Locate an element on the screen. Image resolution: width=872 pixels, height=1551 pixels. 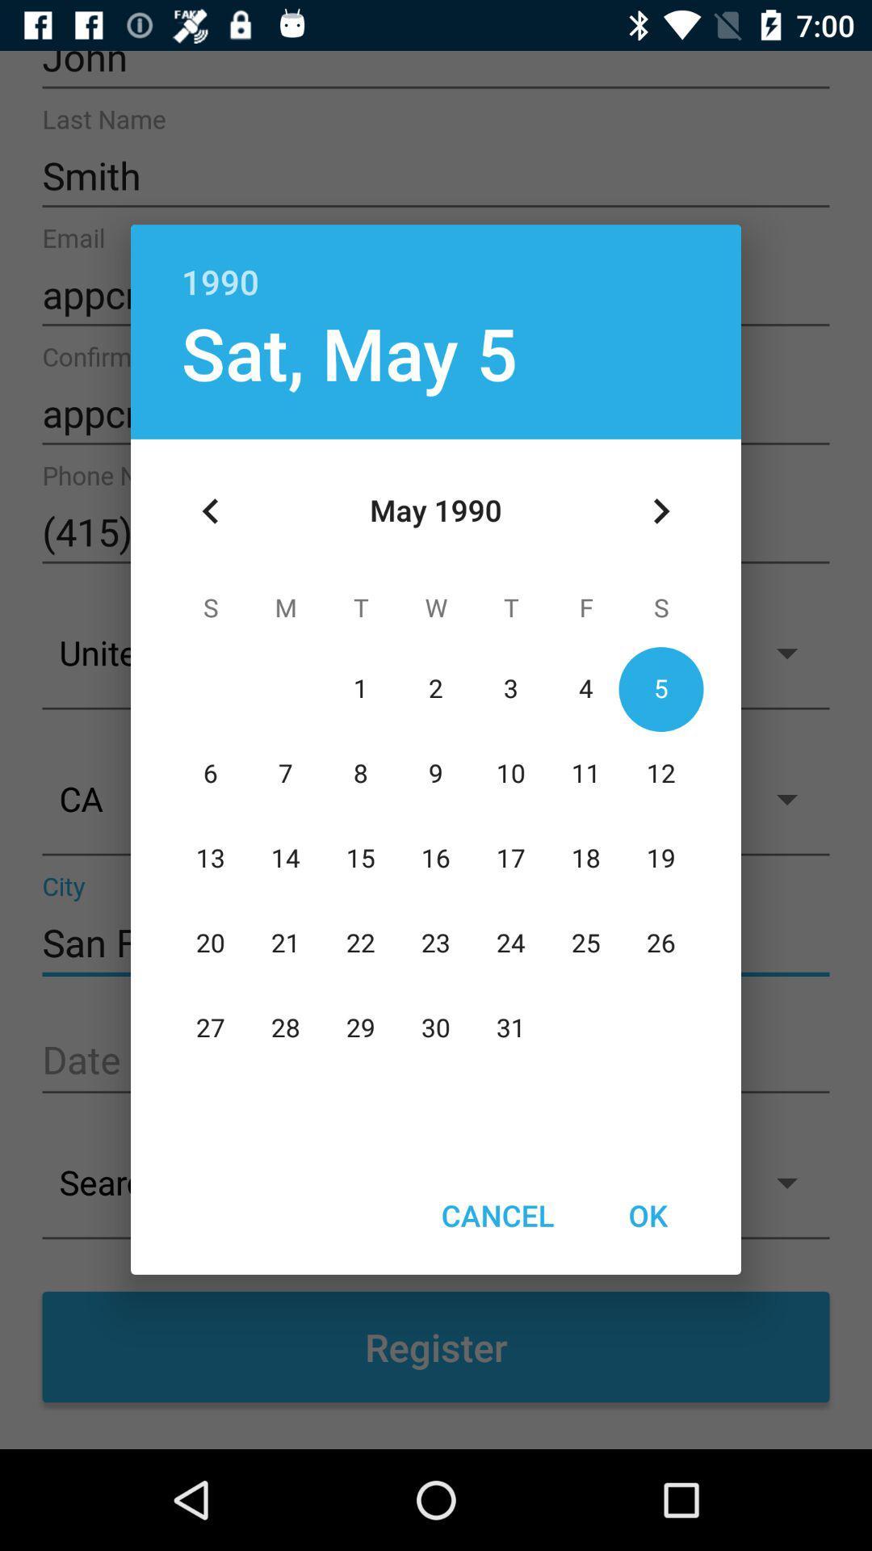
item below the sat, may 5 is located at coordinates (210, 511).